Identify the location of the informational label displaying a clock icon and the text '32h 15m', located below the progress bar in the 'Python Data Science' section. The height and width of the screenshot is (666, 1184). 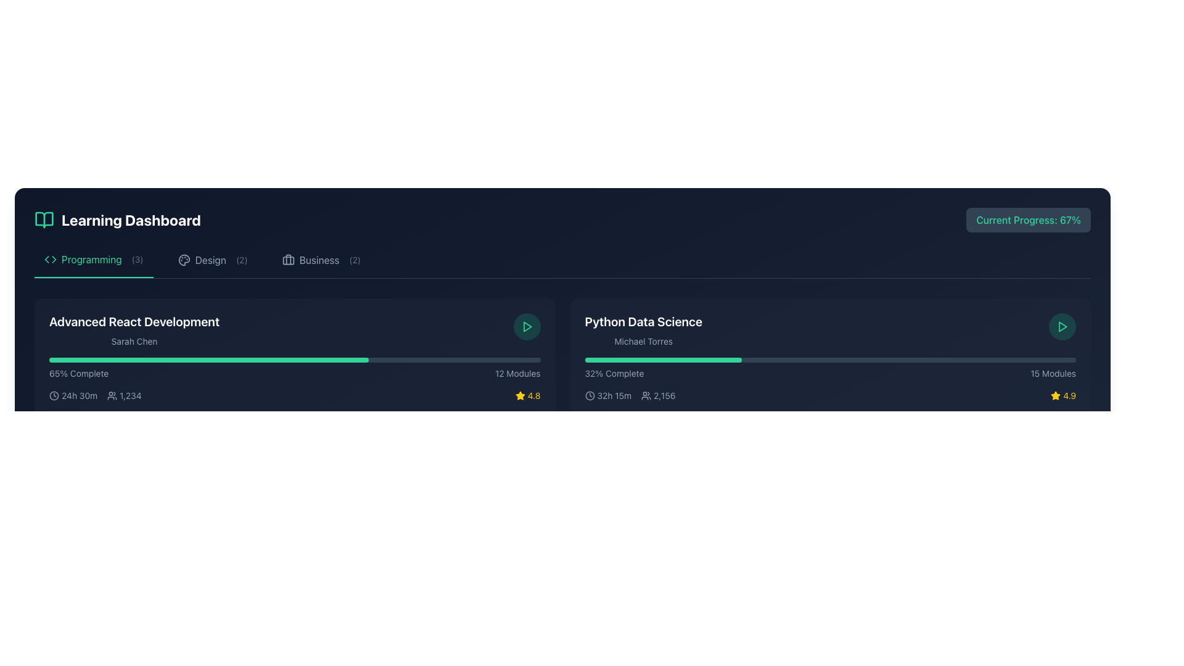
(608, 395).